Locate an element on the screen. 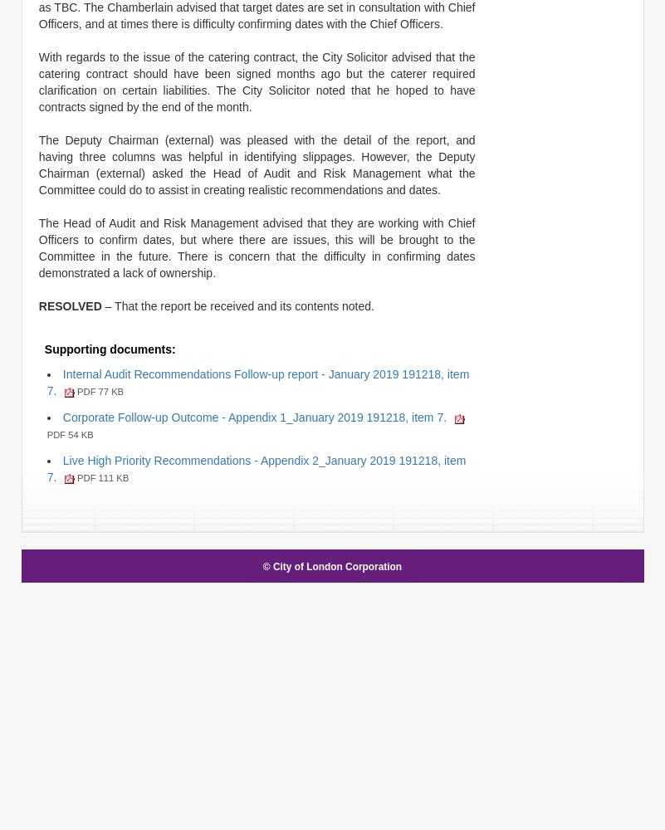  'PDF 111 KB' is located at coordinates (100, 476).